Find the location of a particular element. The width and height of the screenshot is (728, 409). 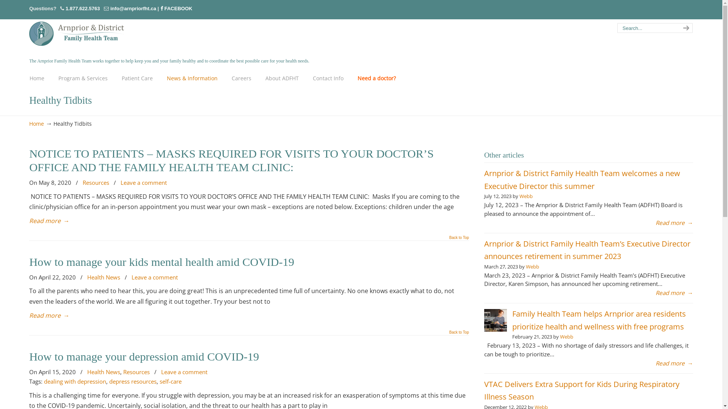

'Webb' is located at coordinates (526, 195).